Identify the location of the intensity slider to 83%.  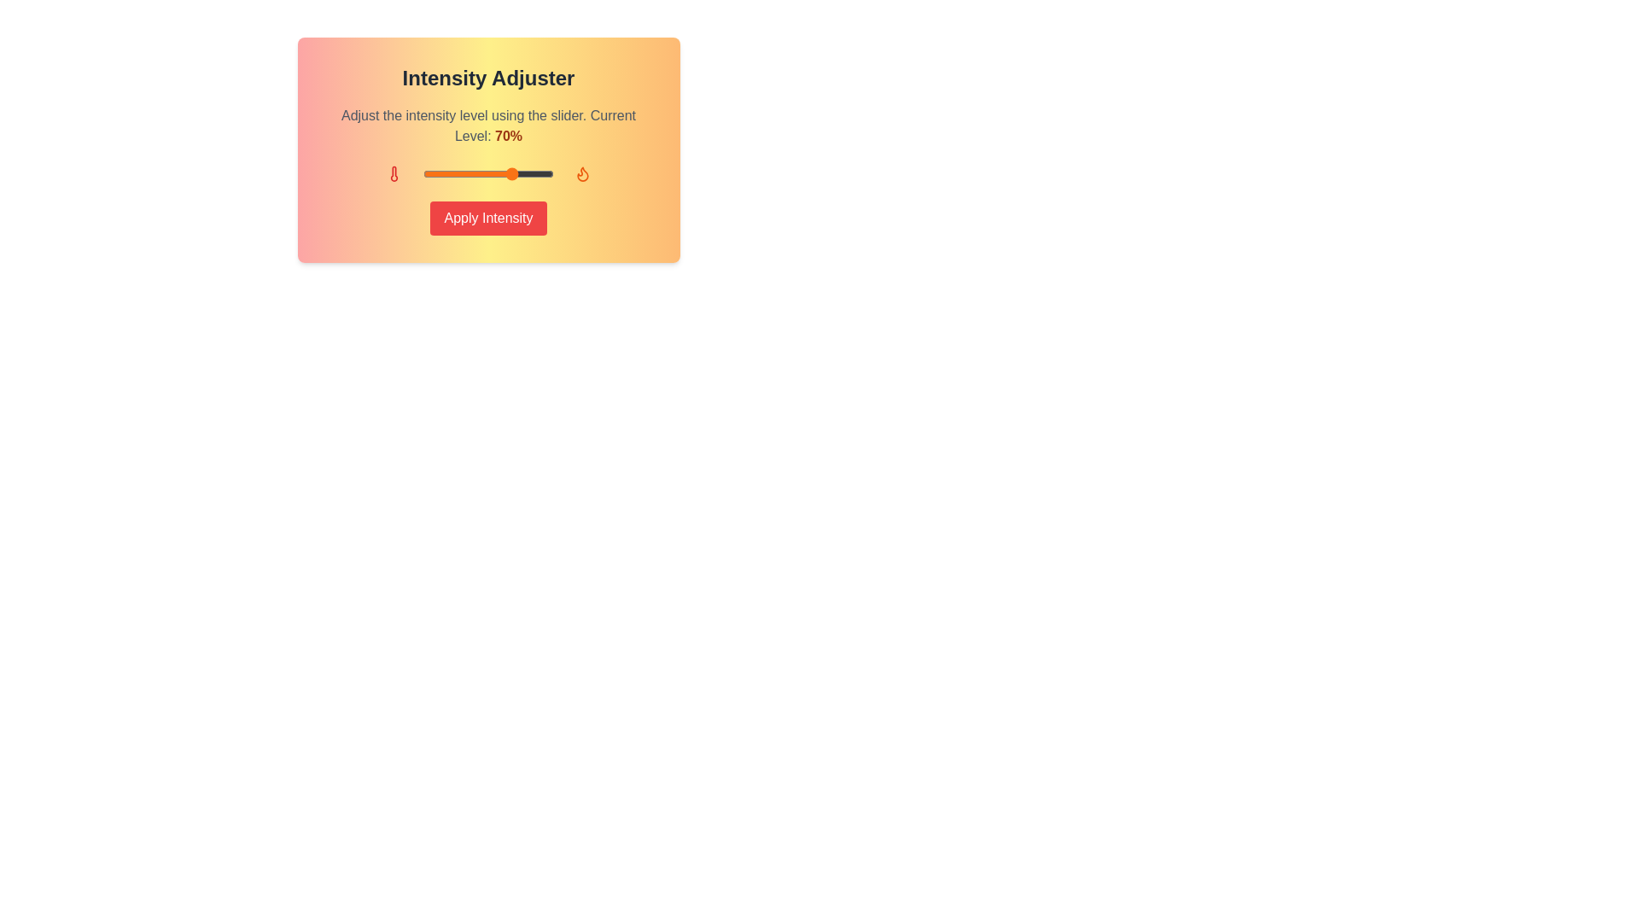
(530, 174).